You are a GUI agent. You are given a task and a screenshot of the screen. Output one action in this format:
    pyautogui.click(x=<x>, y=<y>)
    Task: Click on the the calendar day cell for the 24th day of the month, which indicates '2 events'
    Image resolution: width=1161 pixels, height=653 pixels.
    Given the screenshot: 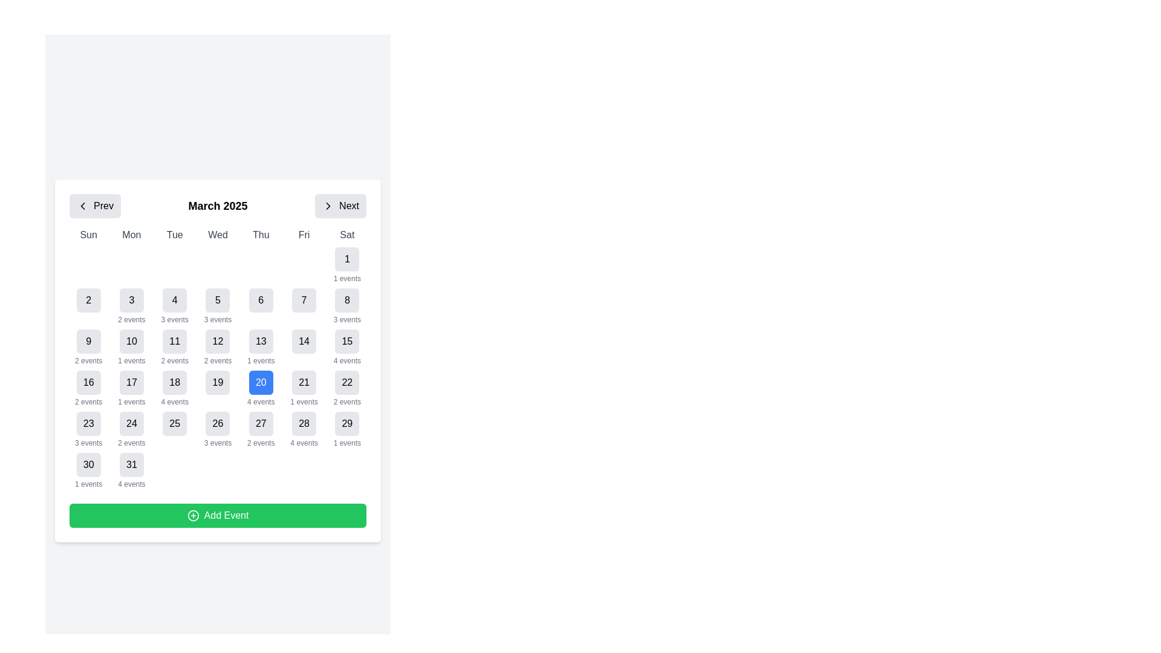 What is the action you would take?
    pyautogui.click(x=131, y=429)
    